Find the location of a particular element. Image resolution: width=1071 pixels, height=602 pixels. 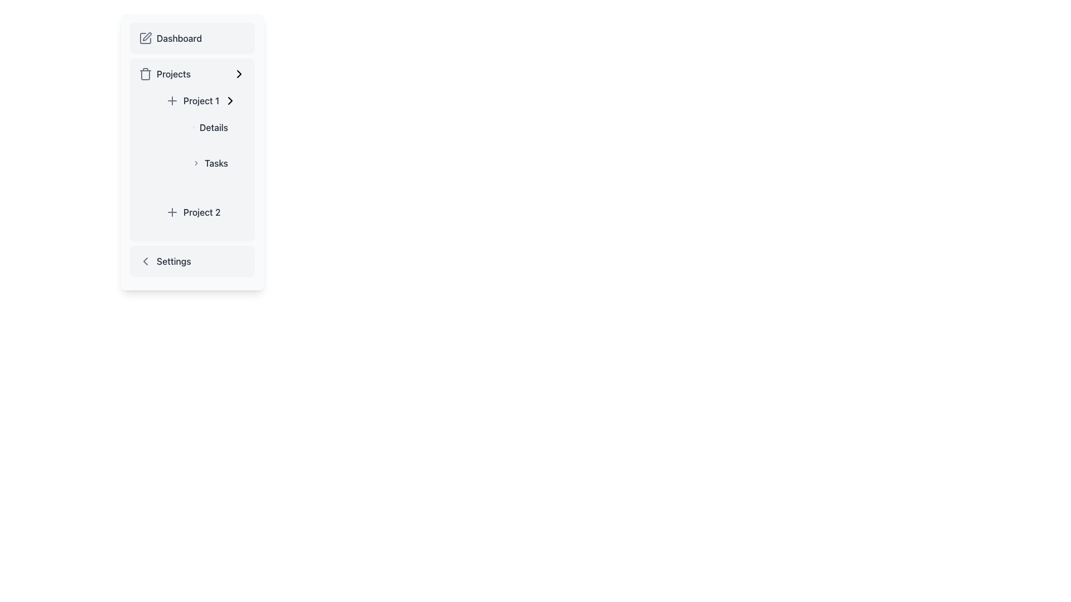

on the list item labeled 'Project 2', which consists of a '+' icon and the text 'Project 2' is located at coordinates (201, 212).